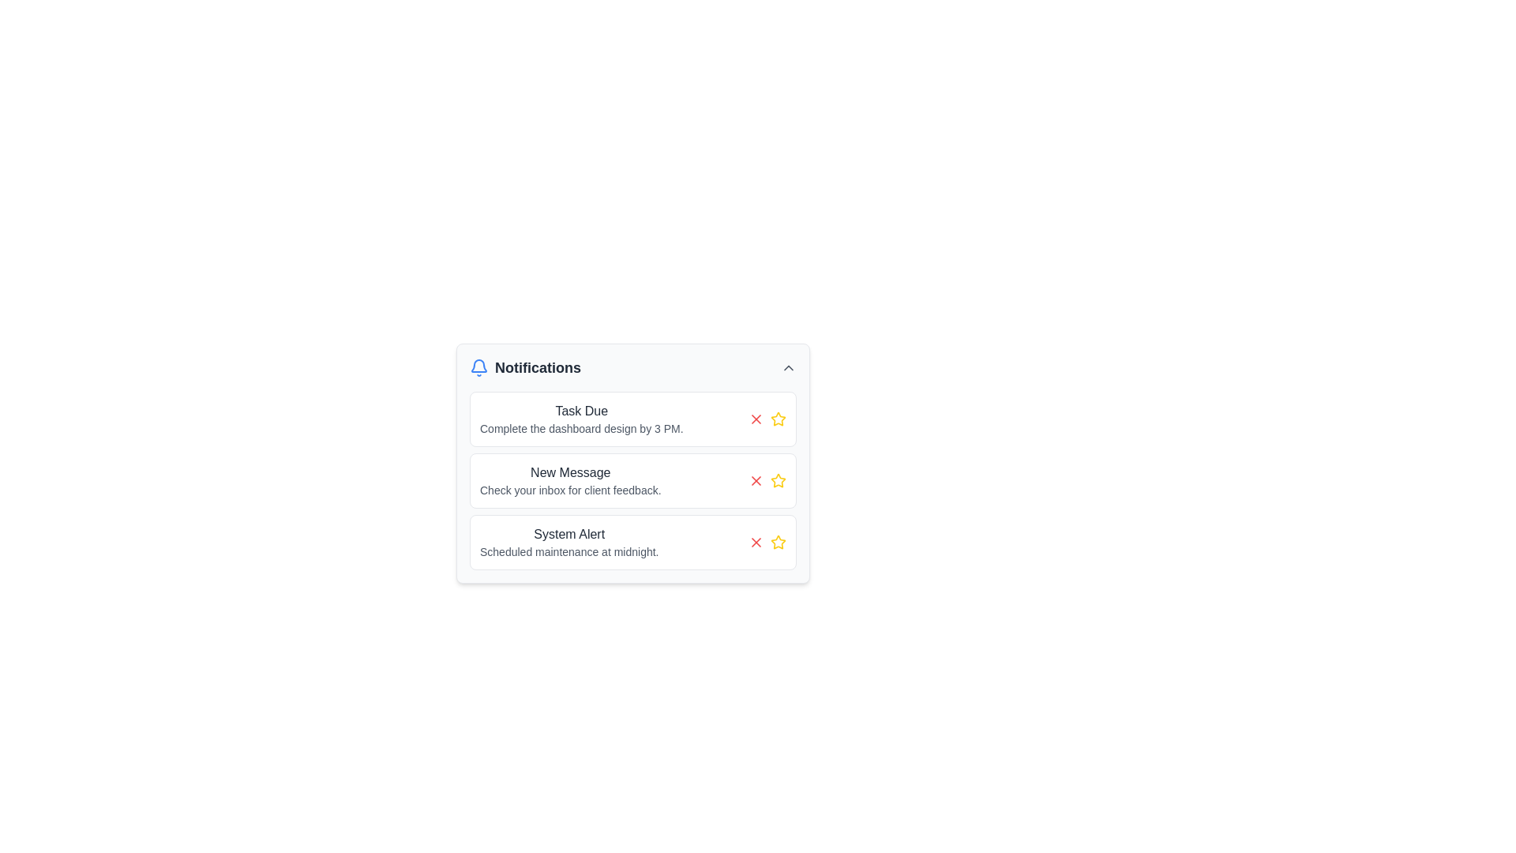  Describe the element at coordinates (478, 368) in the screenshot. I see `on the blue-stroke bell icon that has a notification badge next` at that location.